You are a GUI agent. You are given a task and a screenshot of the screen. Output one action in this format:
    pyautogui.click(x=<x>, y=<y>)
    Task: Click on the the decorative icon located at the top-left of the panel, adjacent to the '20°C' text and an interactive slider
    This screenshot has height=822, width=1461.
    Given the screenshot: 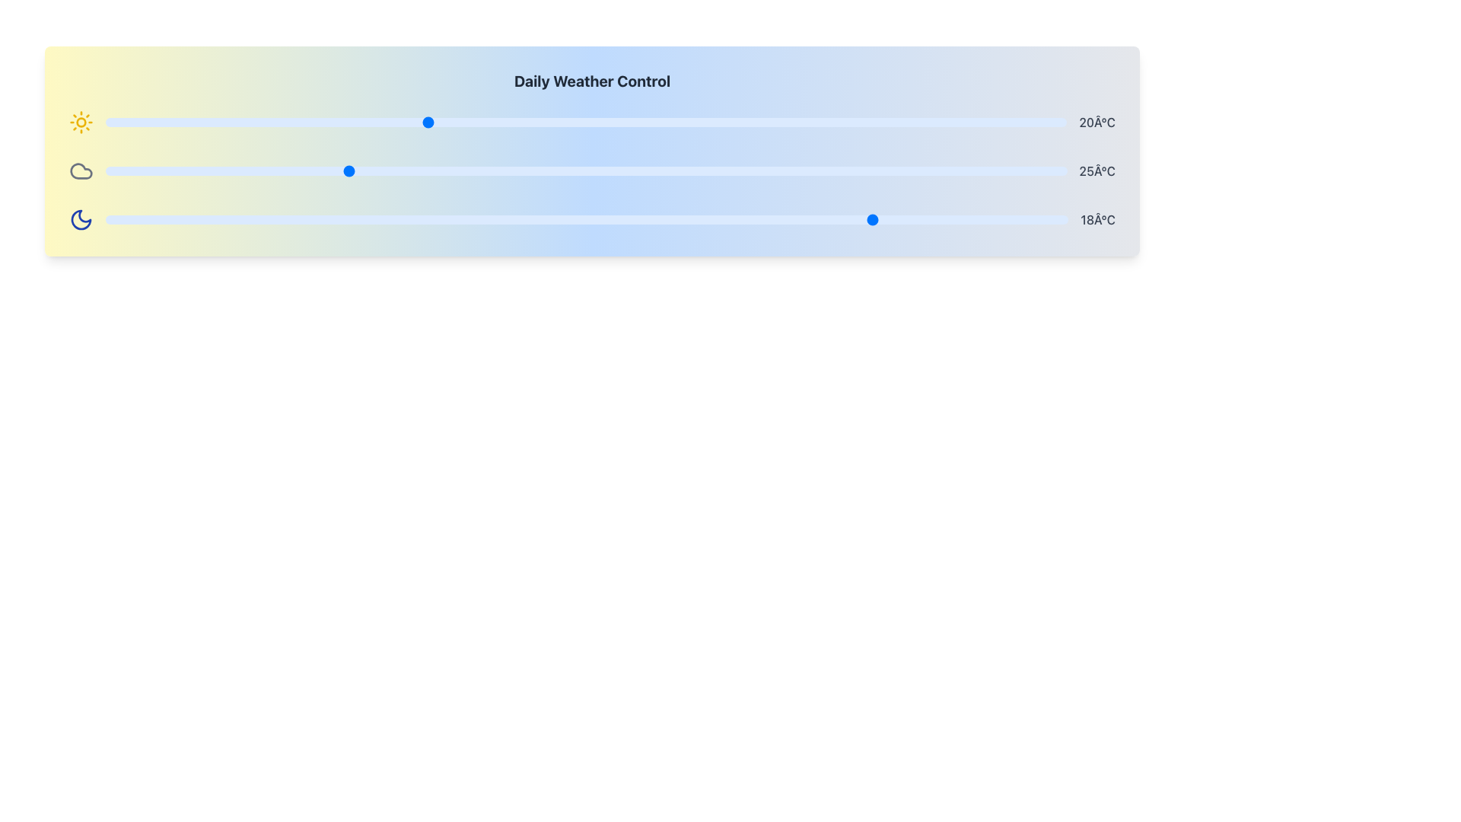 What is the action you would take?
    pyautogui.click(x=80, y=122)
    